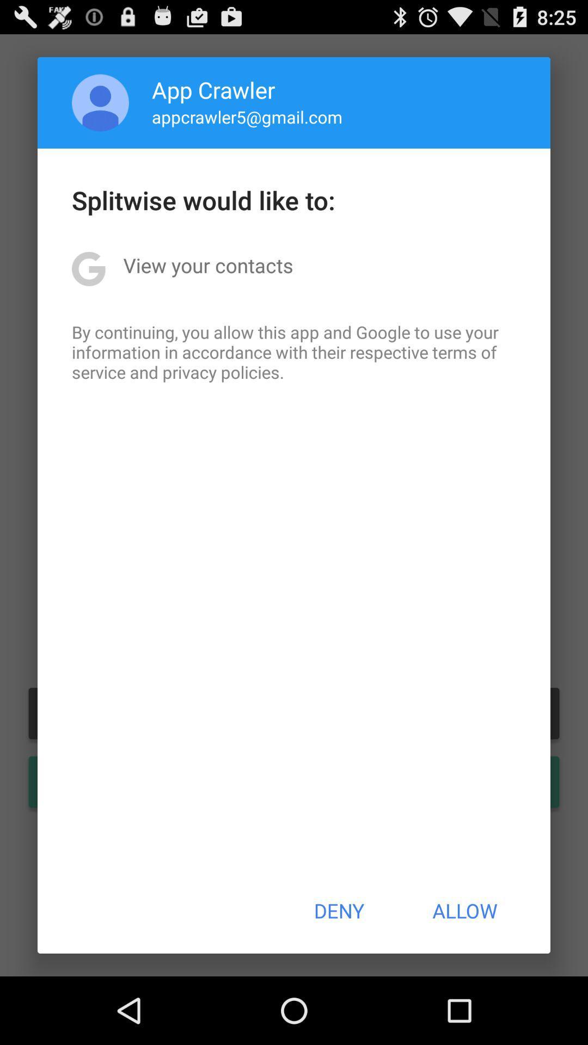 Image resolution: width=588 pixels, height=1045 pixels. What do you see at coordinates (247, 116) in the screenshot?
I see `appcrawler5@gmail.com app` at bounding box center [247, 116].